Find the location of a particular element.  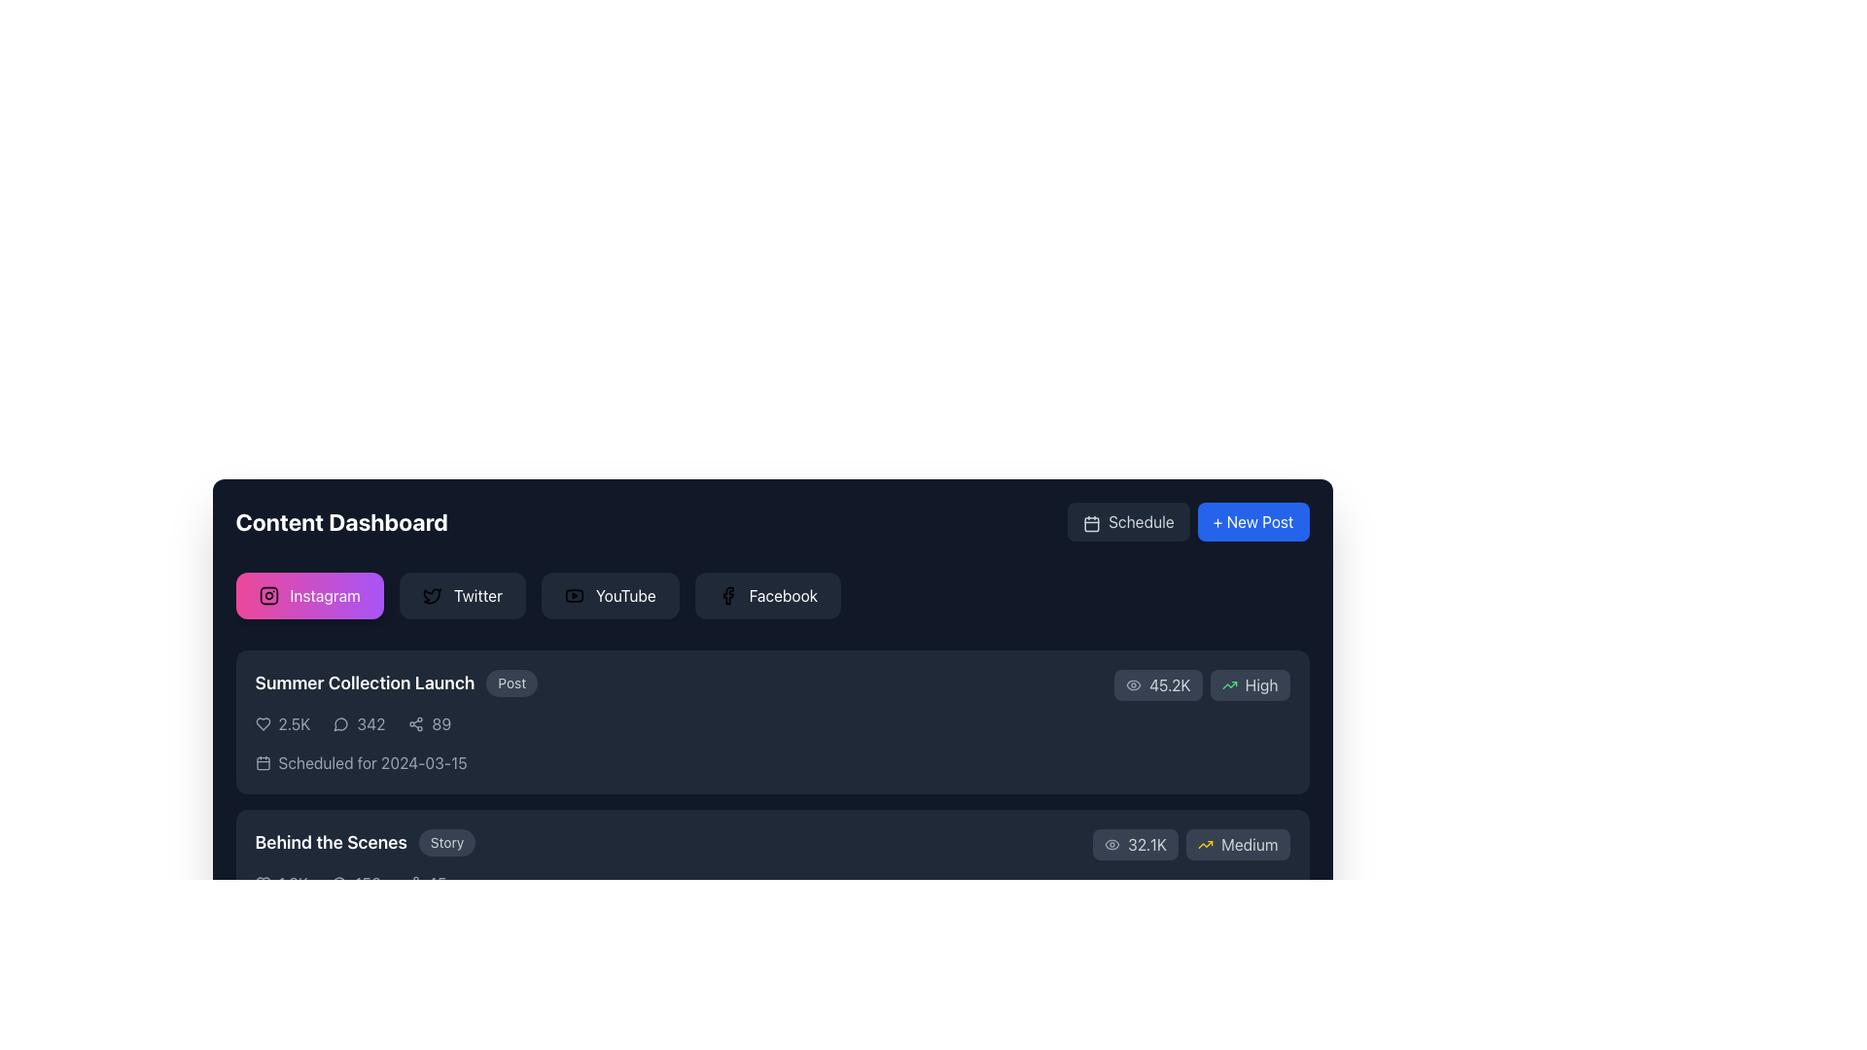

the Twitter icon located at the top section of the interface is located at coordinates (431, 595).